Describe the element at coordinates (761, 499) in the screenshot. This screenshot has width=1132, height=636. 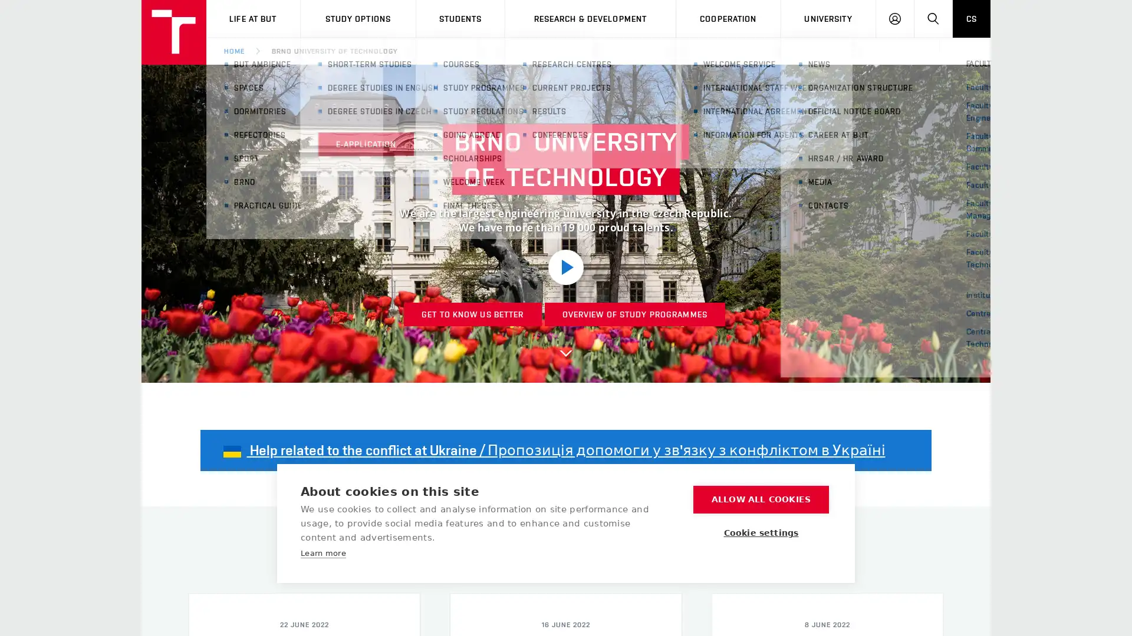
I see `ALLOW ALL COOKIES` at that location.